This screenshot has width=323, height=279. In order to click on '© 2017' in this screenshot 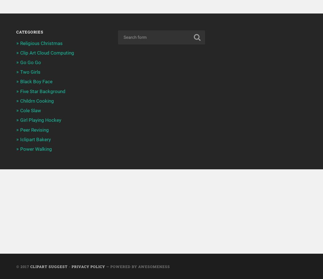, I will do `click(22, 266)`.